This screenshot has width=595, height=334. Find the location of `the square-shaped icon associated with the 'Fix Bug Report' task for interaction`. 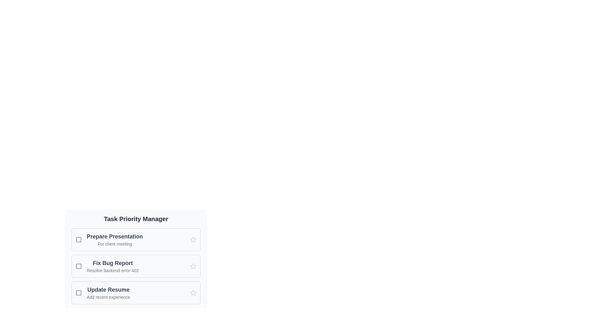

the square-shaped icon associated with the 'Fix Bug Report' task for interaction is located at coordinates (78, 266).